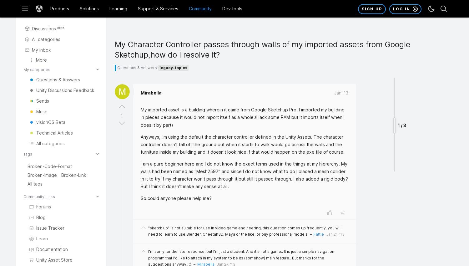 This screenshot has width=469, height=266. I want to click on 'Muse', so click(36, 111).